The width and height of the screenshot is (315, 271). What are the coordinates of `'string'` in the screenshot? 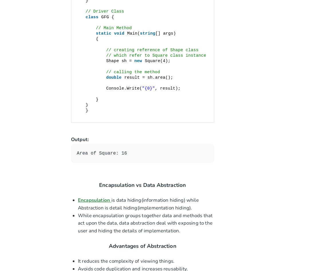 It's located at (147, 33).